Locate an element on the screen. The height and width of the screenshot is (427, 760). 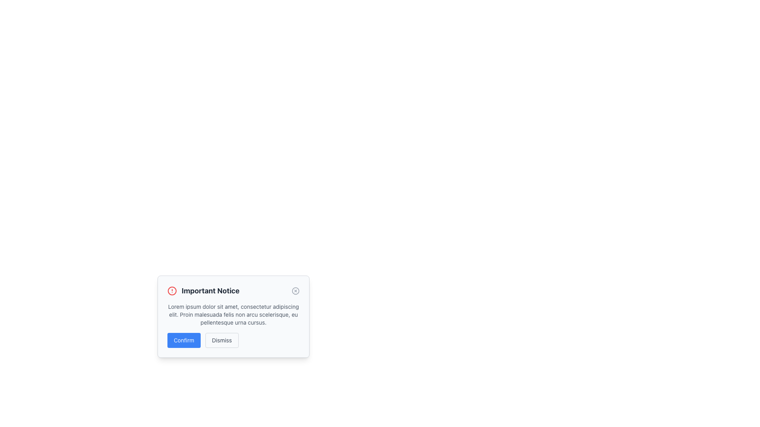
the circular outline SVG graphic element that serves as part of the warning or alert symbol, located within the 'Important Notice' alert card is located at coordinates (172, 291).